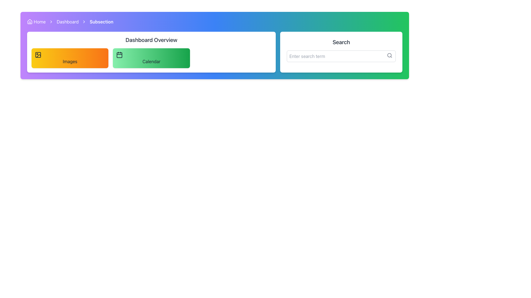 This screenshot has height=298, width=531. Describe the element at coordinates (70, 62) in the screenshot. I see `the text label indicating the category of 'Images' located on the yellow-to-orange gradient card, positioned in the middle-right area, to the right of the image icon` at that location.